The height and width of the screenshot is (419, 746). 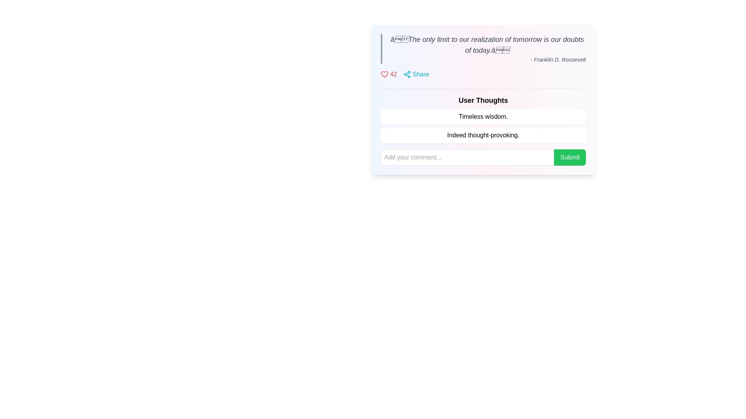 What do you see at coordinates (384, 74) in the screenshot?
I see `the heart-shaped icon located near the top-left section of the interface` at bounding box center [384, 74].